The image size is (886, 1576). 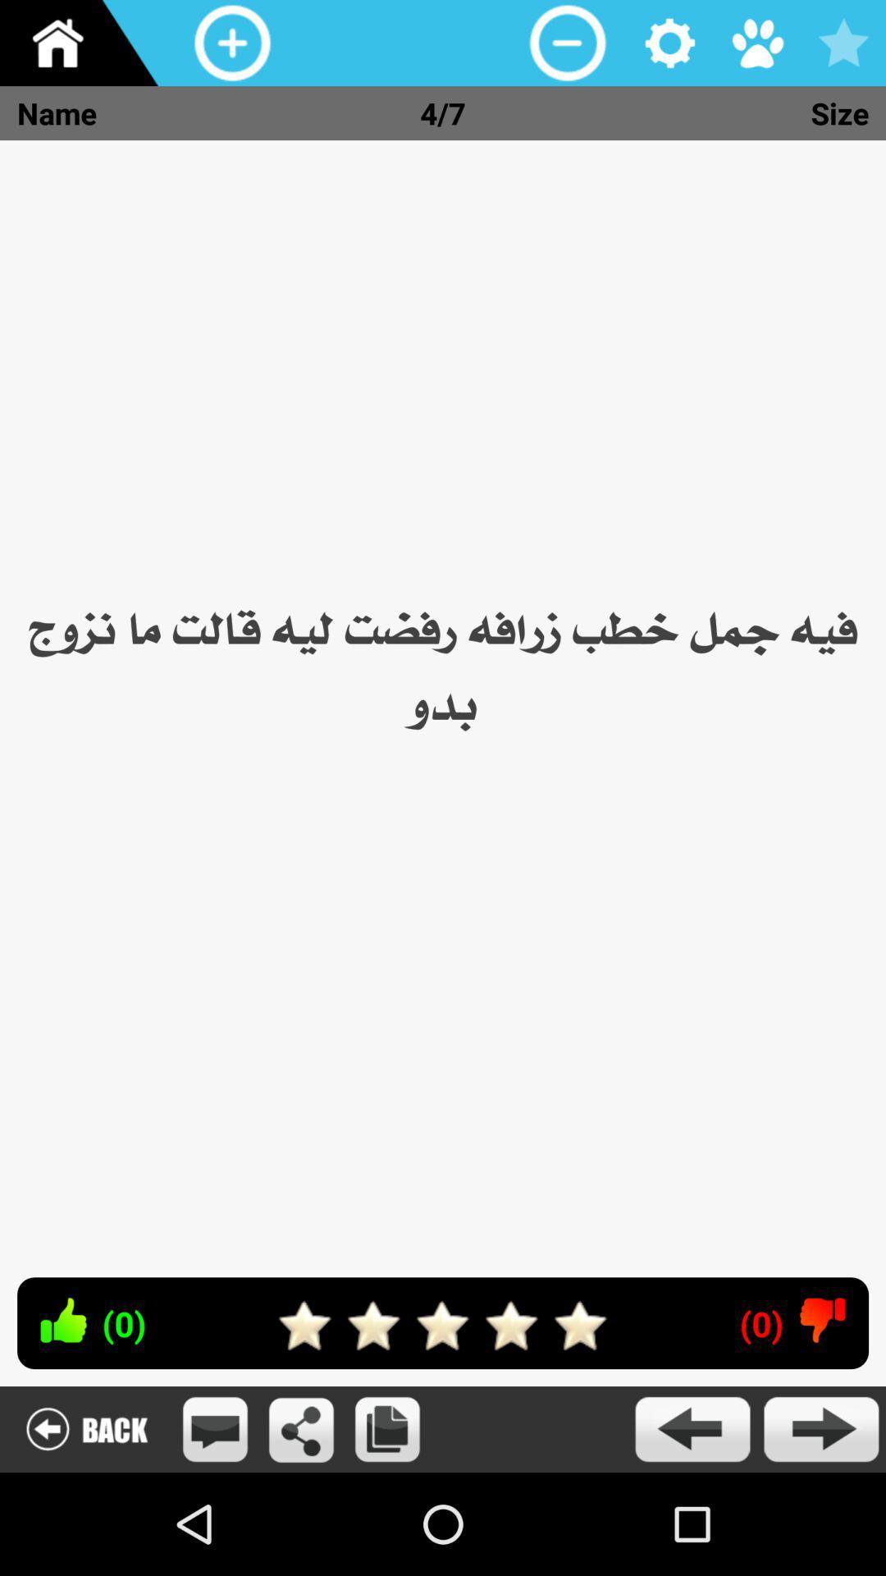 I want to click on home, so click(x=85, y=43).